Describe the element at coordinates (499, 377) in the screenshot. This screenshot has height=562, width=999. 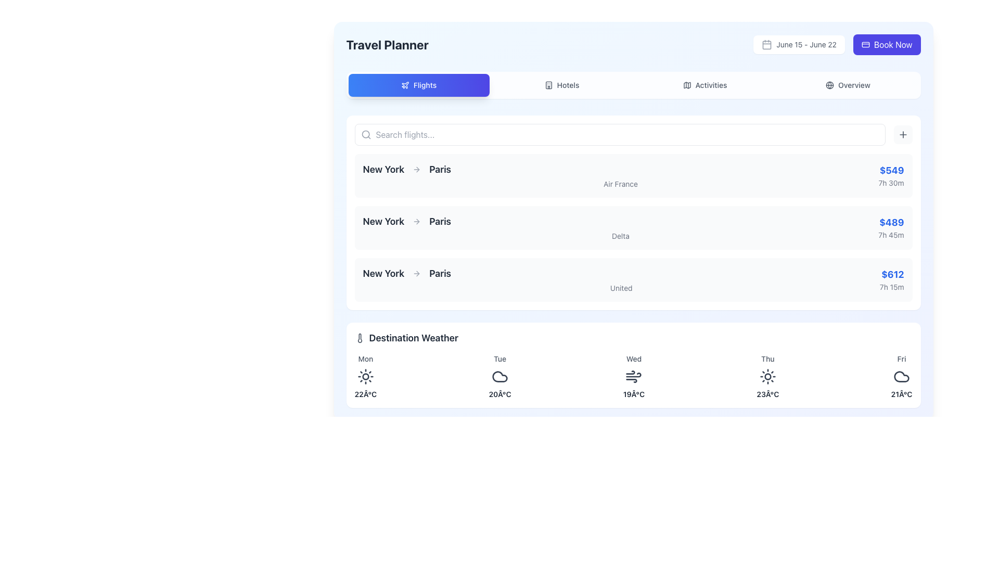
I see `the weather forecast element for 'Tuesday' which displays a temperature of 20°C and a cloud icon, located in the 'Destination Weather' component` at that location.